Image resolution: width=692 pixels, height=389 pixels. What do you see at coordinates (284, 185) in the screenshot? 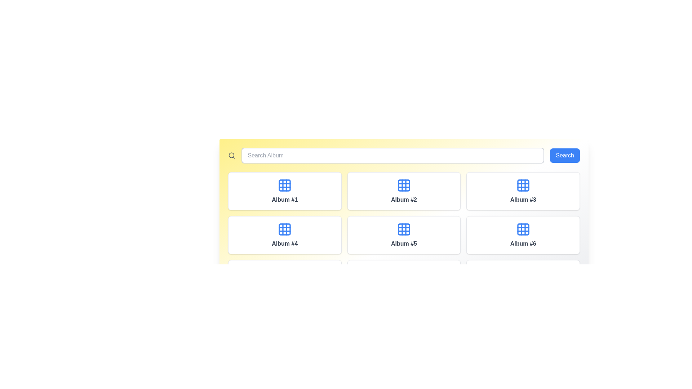
I see `the encompassing icon which is a sub-component of a 3x3 grid icon located in the central cell of the grid above the 'Album #1' label` at bounding box center [284, 185].